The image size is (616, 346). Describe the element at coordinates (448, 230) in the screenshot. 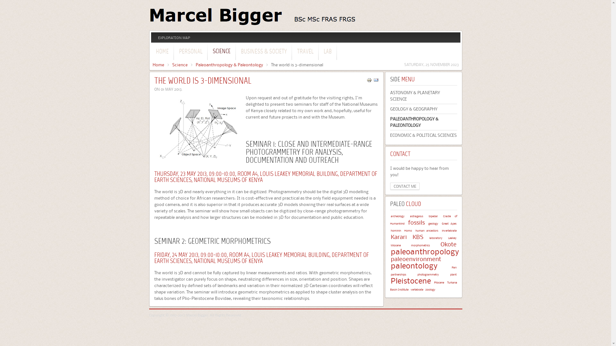

I see `'invertebrate'` at that location.